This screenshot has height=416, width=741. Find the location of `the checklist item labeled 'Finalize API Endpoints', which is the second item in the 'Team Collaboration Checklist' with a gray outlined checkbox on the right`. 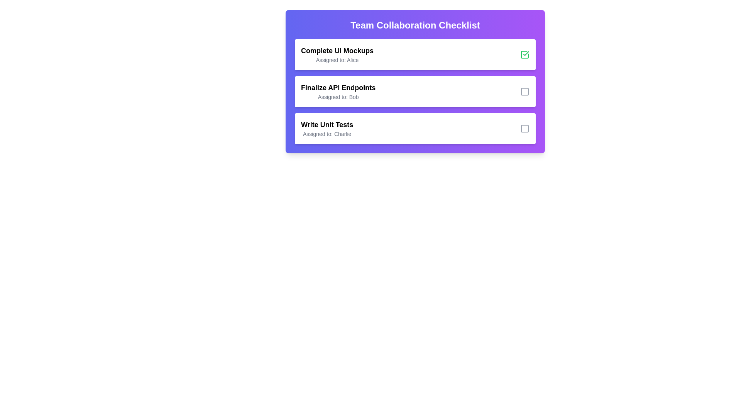

the checklist item labeled 'Finalize API Endpoints', which is the second item in the 'Team Collaboration Checklist' with a gray outlined checkbox on the right is located at coordinates (414, 91).